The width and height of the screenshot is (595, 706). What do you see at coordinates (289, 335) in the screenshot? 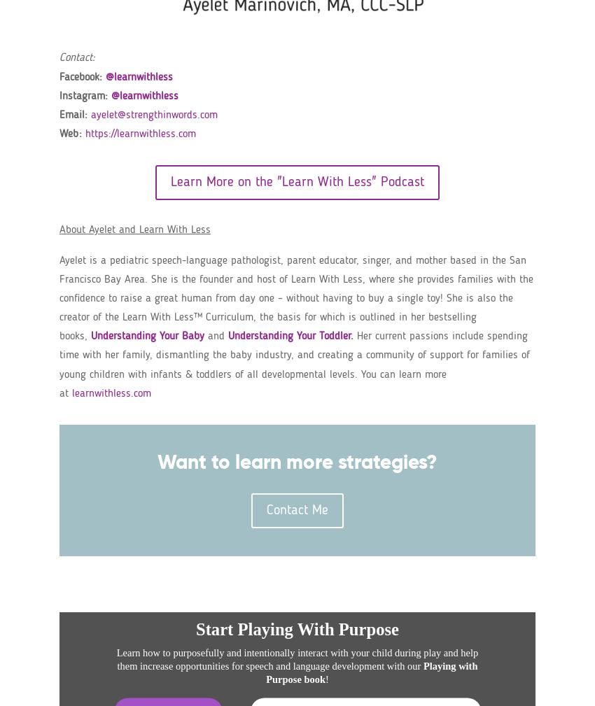
I see `'Understanding Your Toddler'` at bounding box center [289, 335].